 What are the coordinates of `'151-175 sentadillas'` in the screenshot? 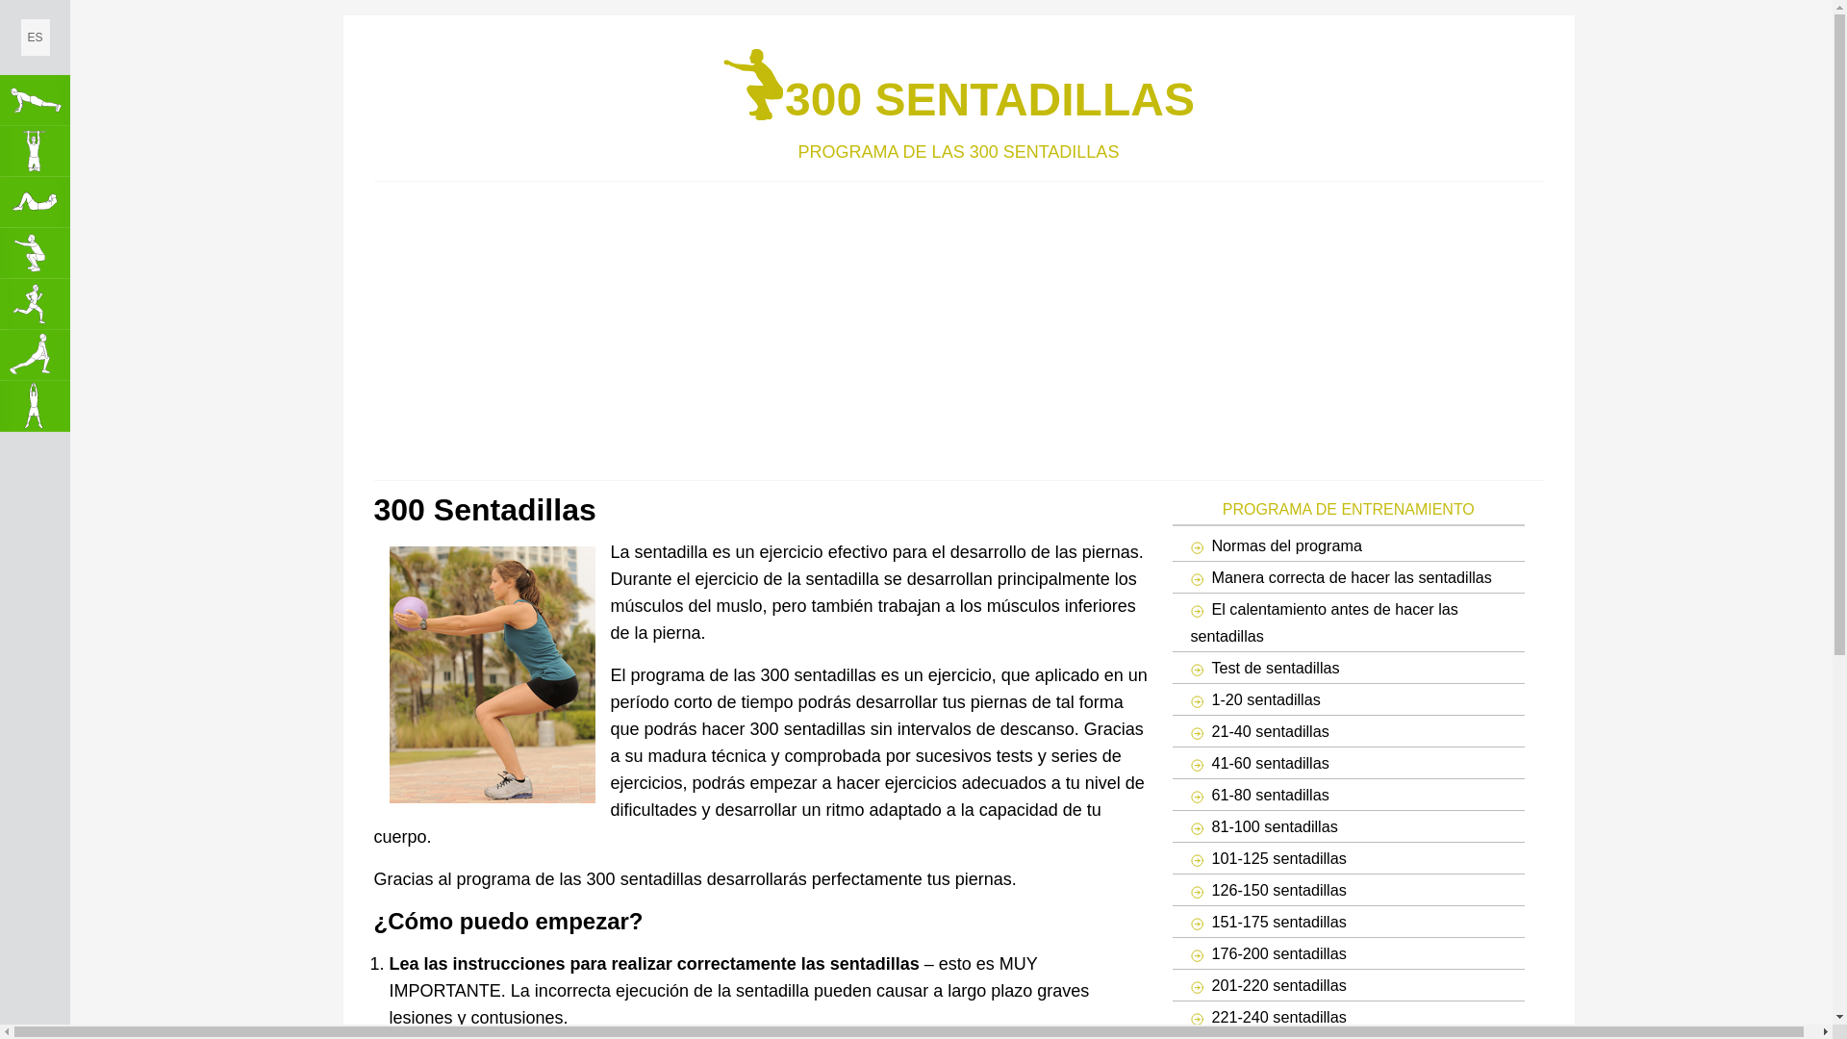 It's located at (1347, 920).